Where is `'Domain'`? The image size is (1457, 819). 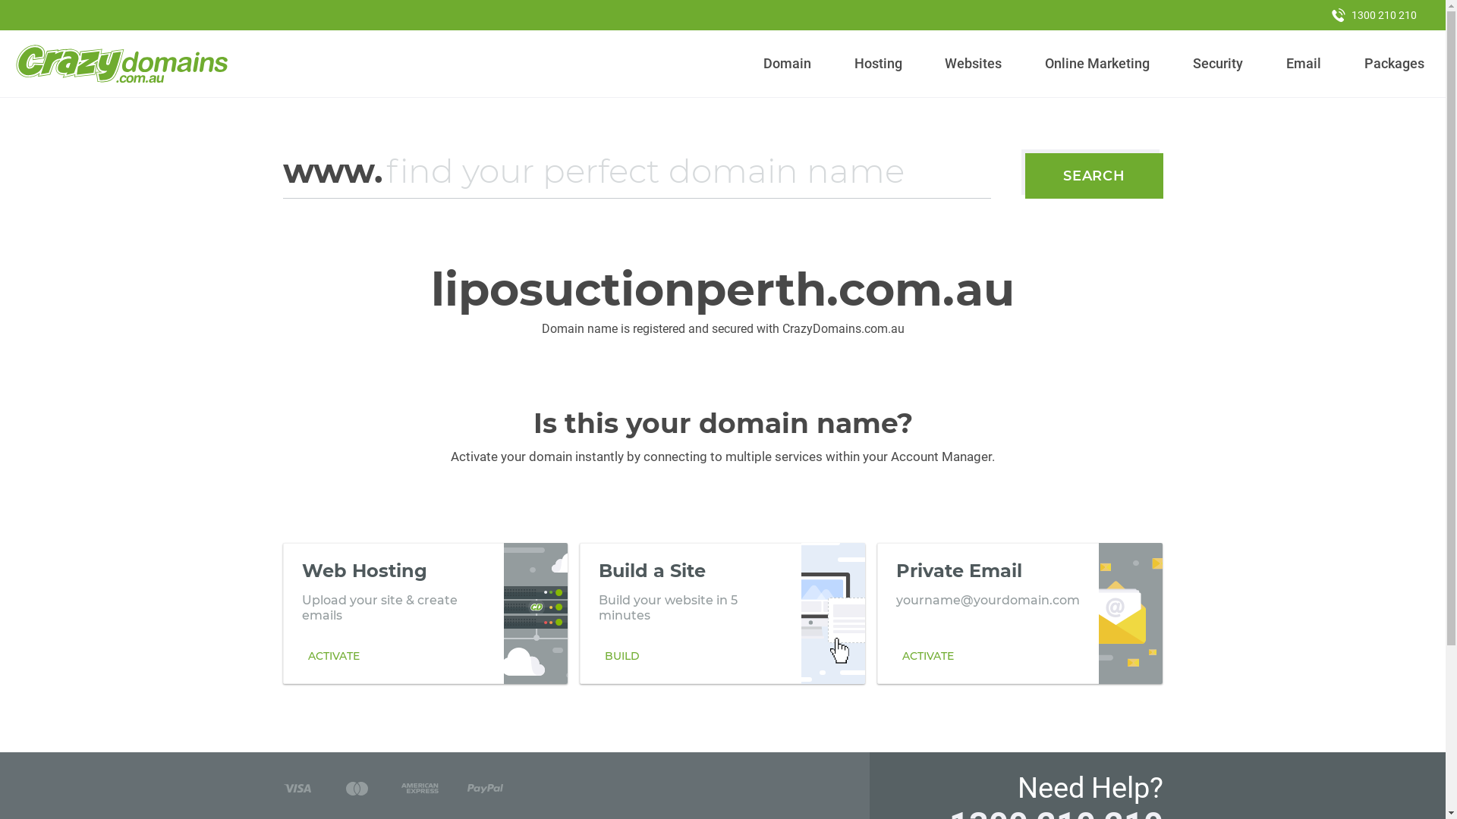 'Domain' is located at coordinates (787, 63).